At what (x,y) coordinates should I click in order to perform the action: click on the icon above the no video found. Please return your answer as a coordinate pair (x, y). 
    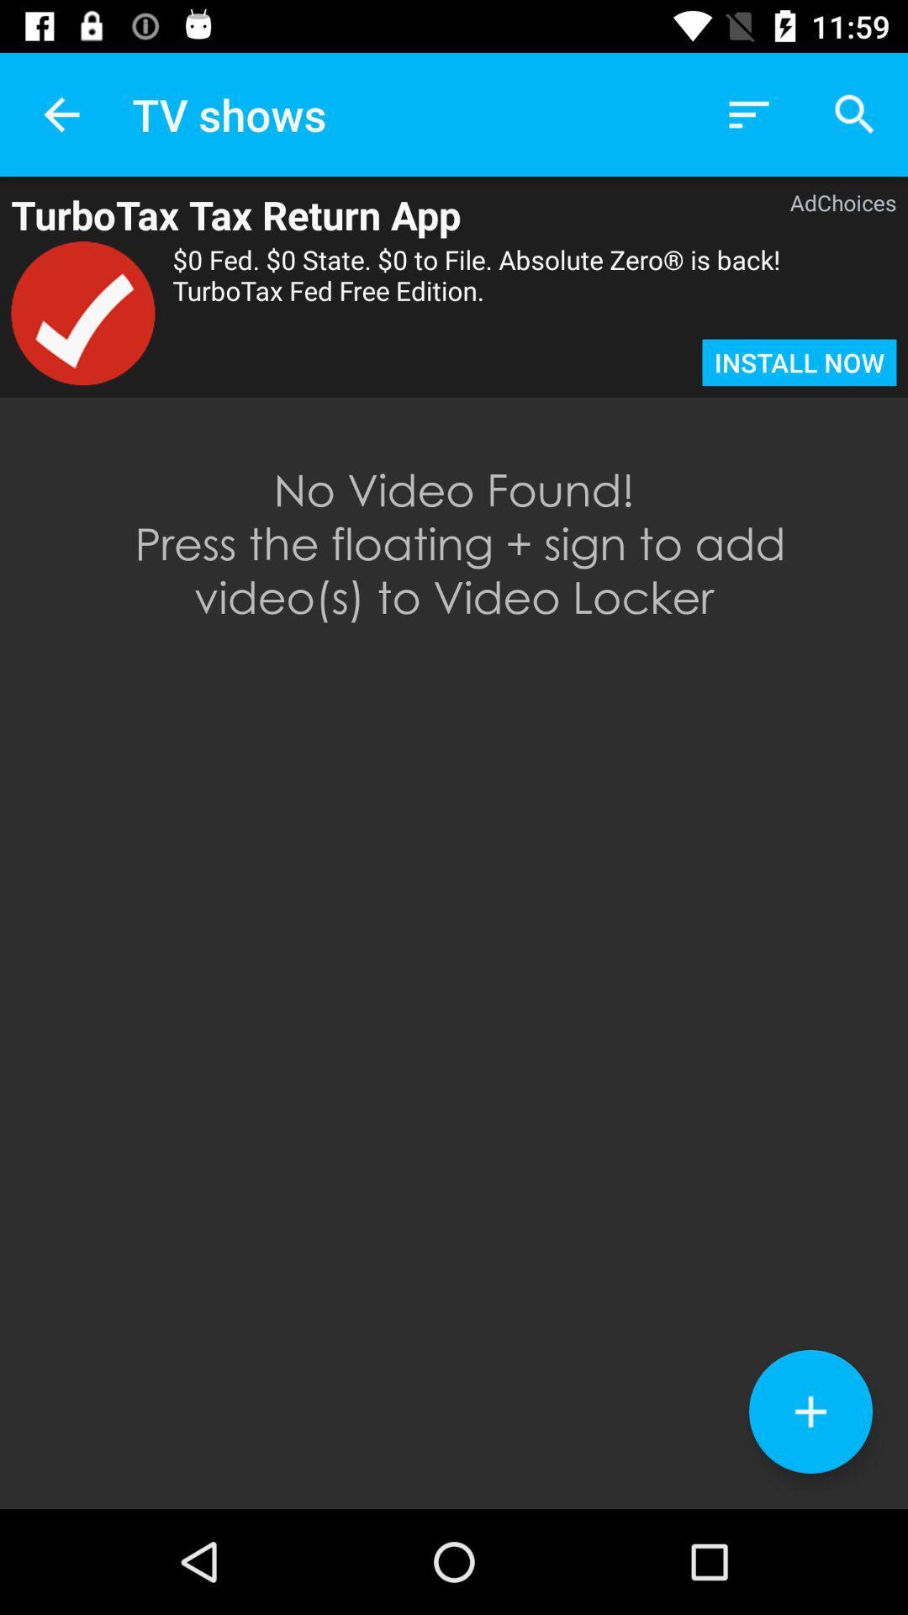
    Looking at the image, I should click on (83, 313).